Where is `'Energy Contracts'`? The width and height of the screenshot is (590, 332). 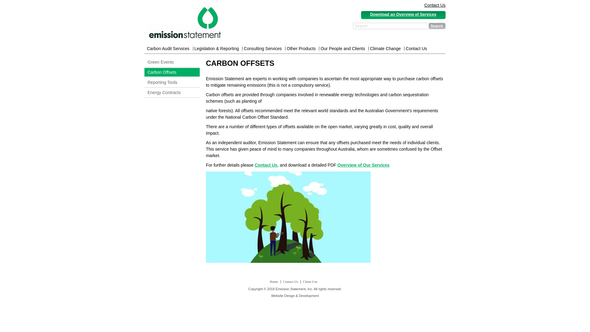 'Energy Contracts' is located at coordinates (172, 92).